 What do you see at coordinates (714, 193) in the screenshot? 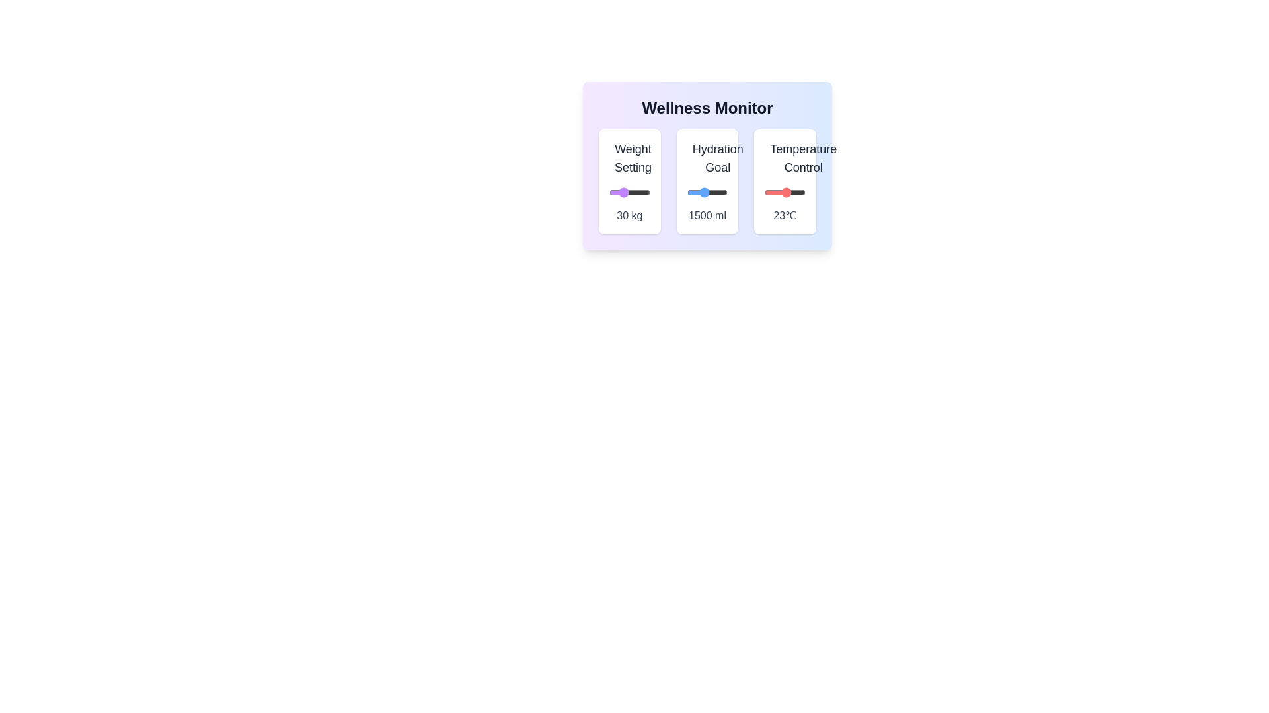
I see `hydration goal` at bounding box center [714, 193].